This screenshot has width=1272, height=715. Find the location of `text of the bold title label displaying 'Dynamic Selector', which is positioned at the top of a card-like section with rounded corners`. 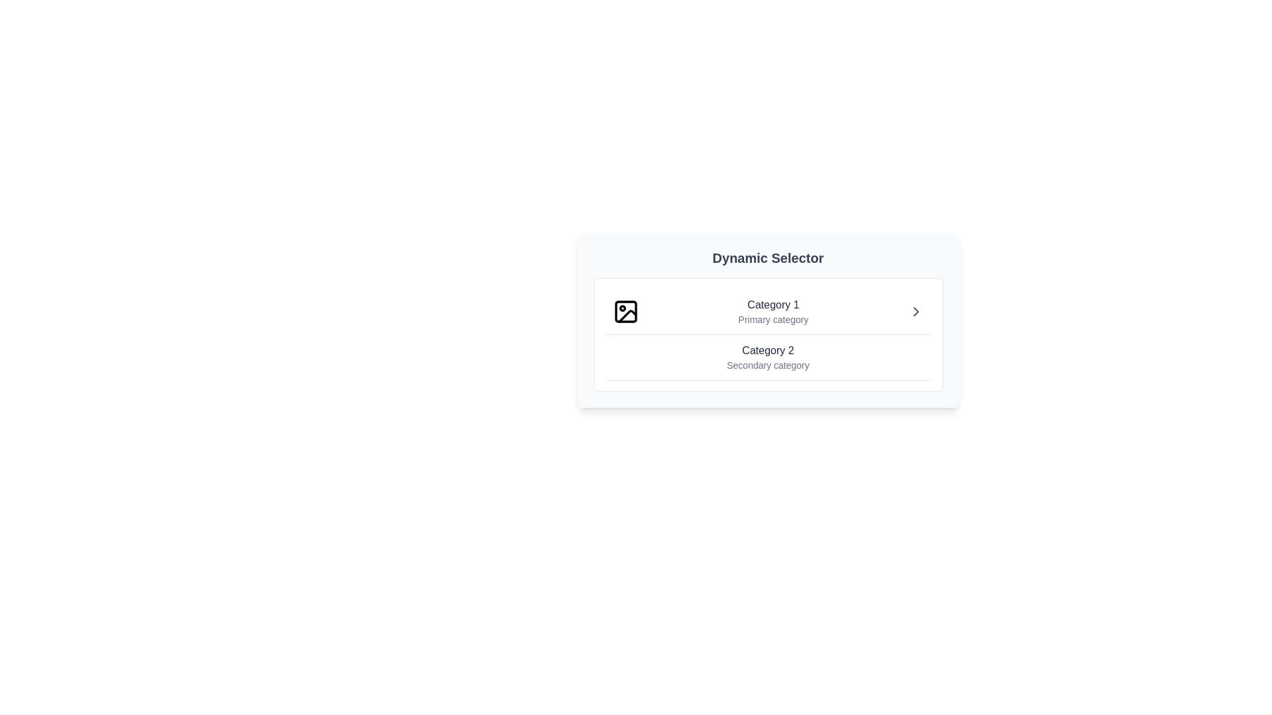

text of the bold title label displaying 'Dynamic Selector', which is positioned at the top of a card-like section with rounded corners is located at coordinates (768, 258).